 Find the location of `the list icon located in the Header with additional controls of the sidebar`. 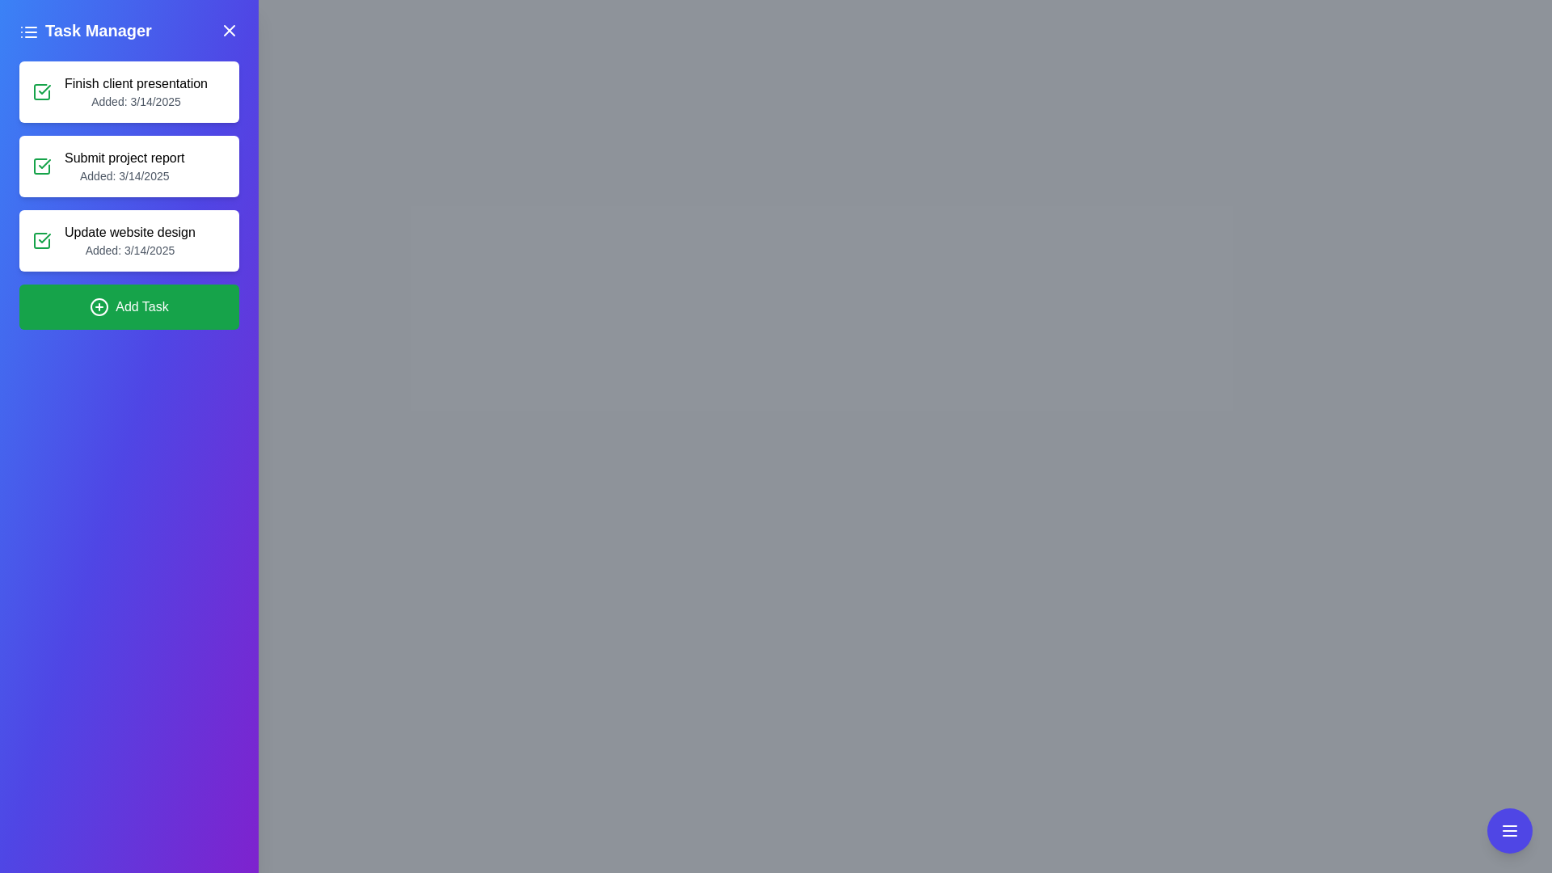

the list icon located in the Header with additional controls of the sidebar is located at coordinates (128, 31).